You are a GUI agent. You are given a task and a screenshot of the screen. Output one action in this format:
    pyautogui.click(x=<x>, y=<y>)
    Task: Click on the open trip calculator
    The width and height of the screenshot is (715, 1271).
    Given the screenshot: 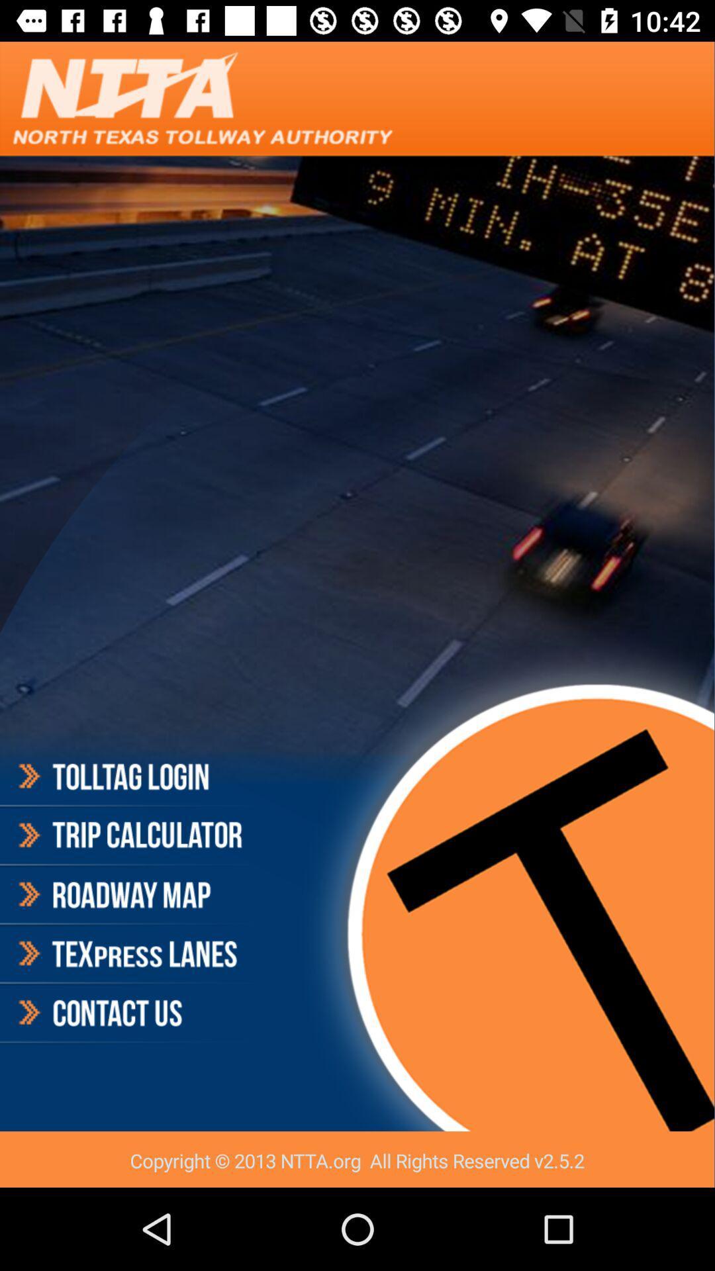 What is the action you would take?
    pyautogui.click(x=128, y=835)
    